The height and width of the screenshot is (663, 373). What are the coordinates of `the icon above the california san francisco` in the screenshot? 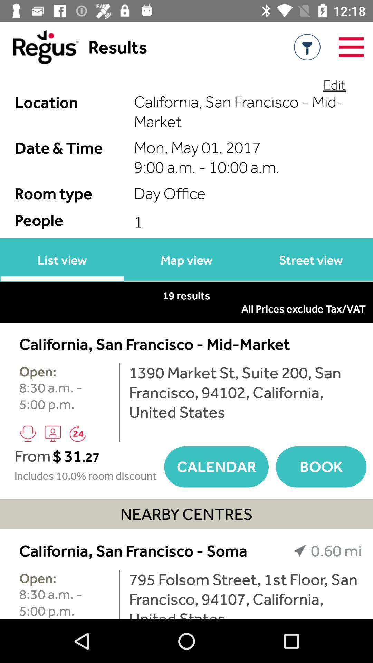 It's located at (334, 84).